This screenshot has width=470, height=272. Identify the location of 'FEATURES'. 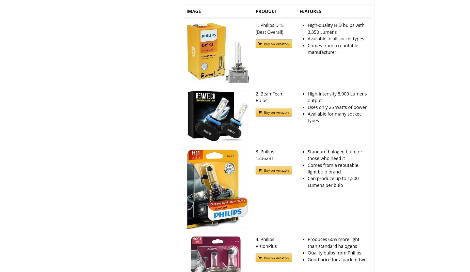
(299, 11).